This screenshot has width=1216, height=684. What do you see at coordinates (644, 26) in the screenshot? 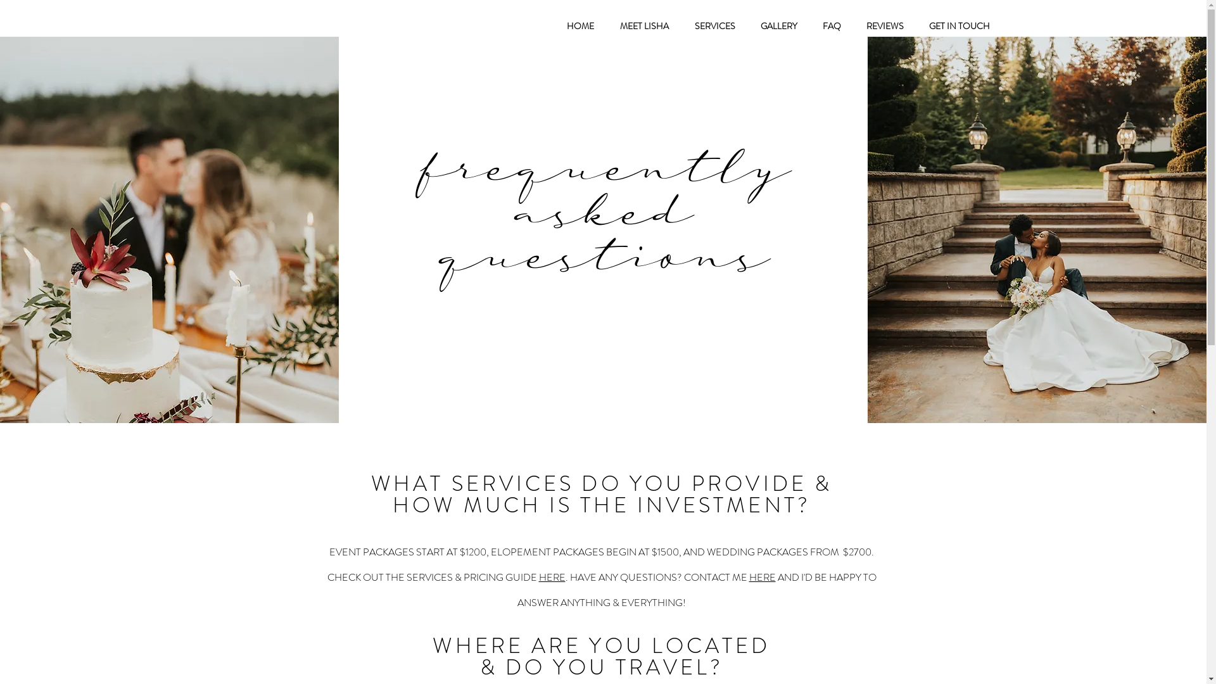
I see `'MEET LISHA'` at bounding box center [644, 26].